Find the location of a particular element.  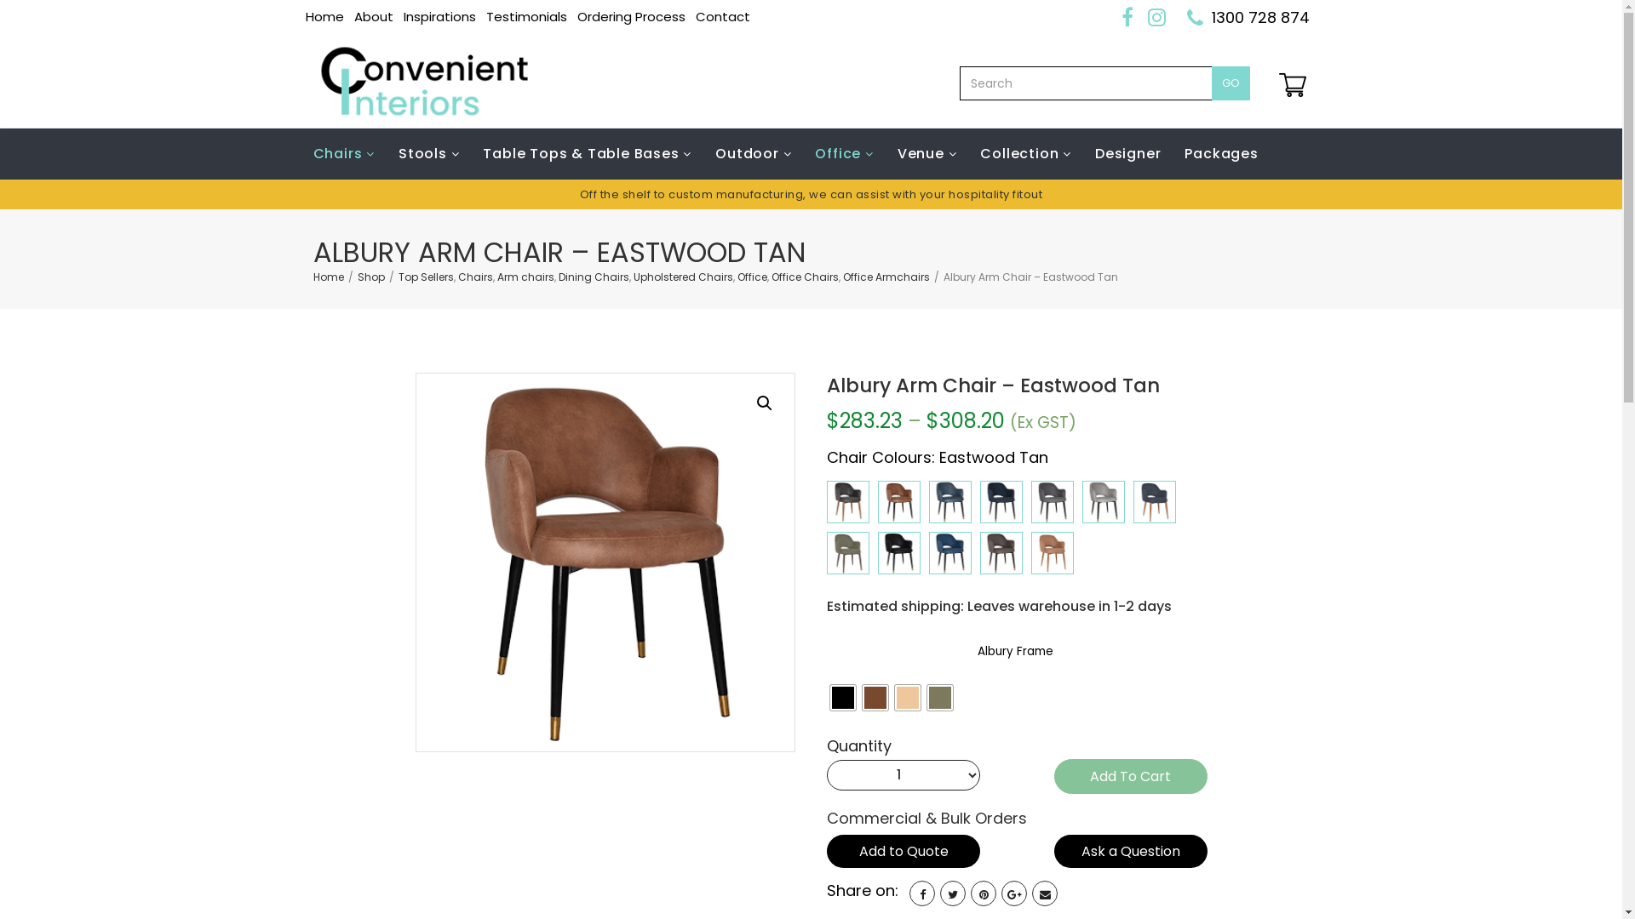

'Office' is located at coordinates (751, 276).